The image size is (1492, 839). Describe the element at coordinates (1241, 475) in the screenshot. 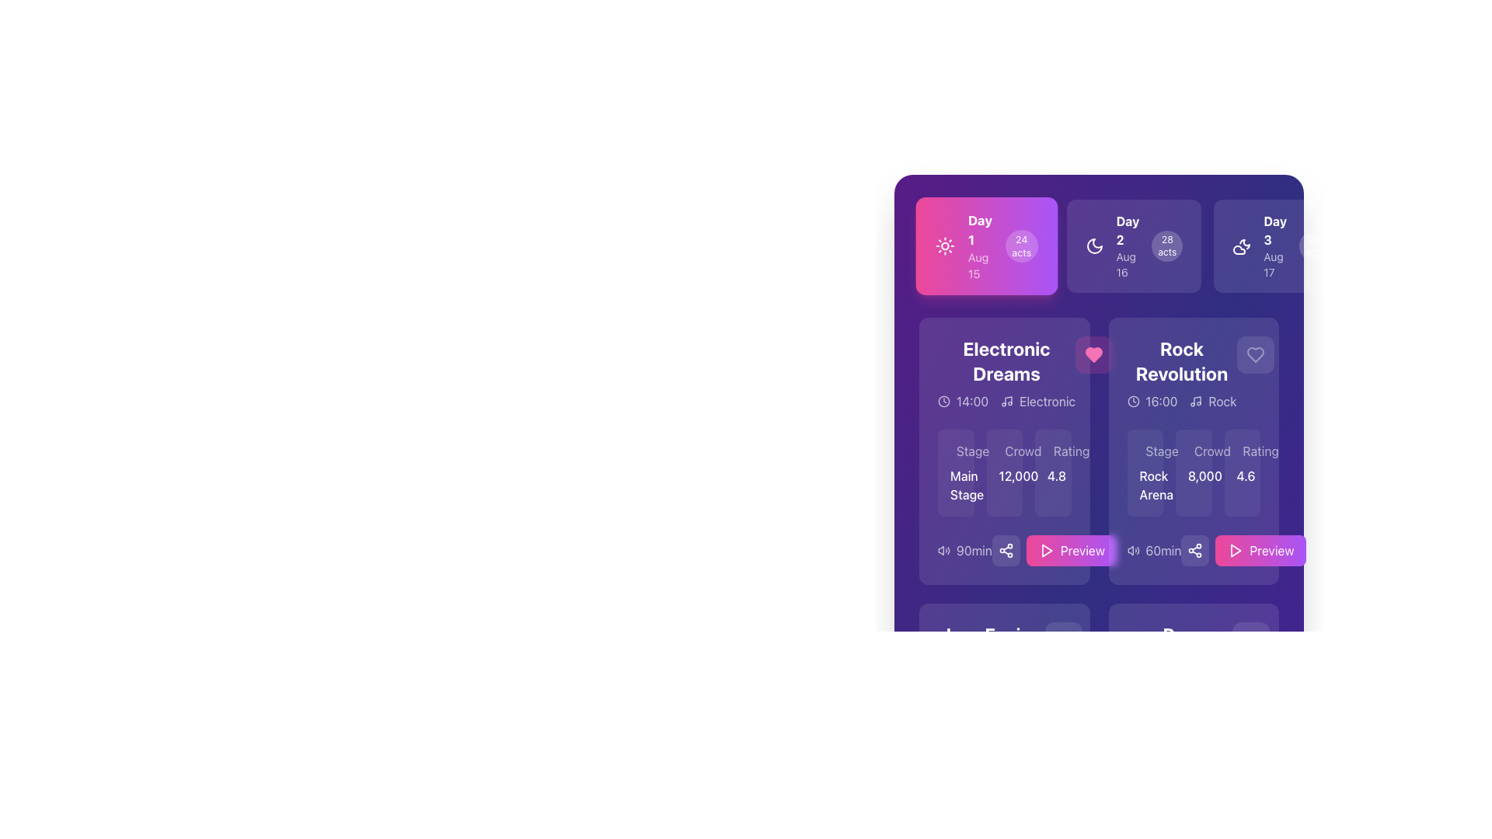

I see `the formatted numeric text '4.6' displayed in a white medium-weight font within the dark purple 'Rating' section under the 'Rock Revolution' header` at that location.